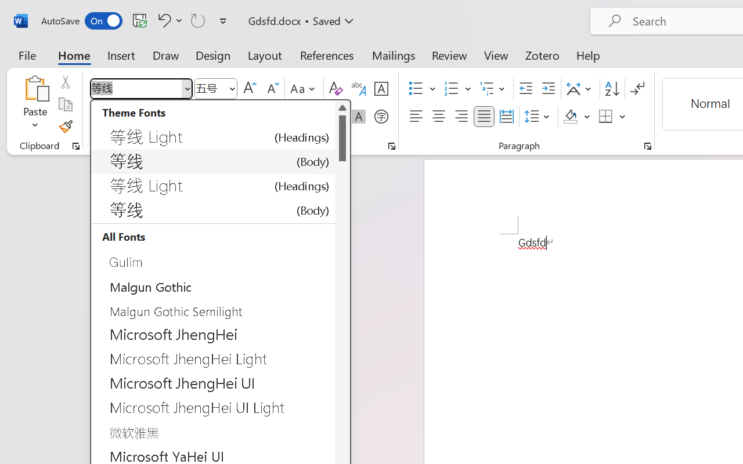 The image size is (743, 464). What do you see at coordinates (576, 117) in the screenshot?
I see `'Shading'` at bounding box center [576, 117].